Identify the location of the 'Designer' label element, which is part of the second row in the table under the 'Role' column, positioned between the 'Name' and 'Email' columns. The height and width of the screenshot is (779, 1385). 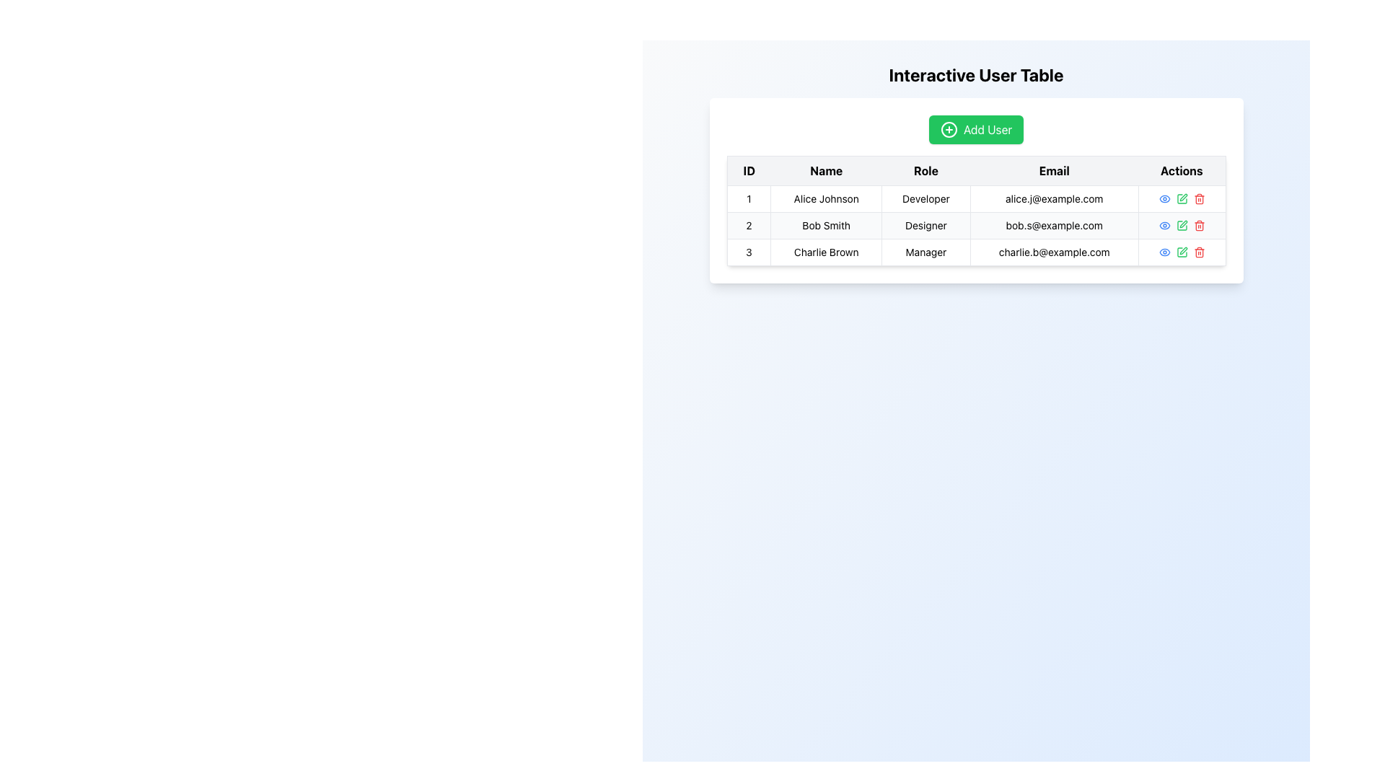
(925, 225).